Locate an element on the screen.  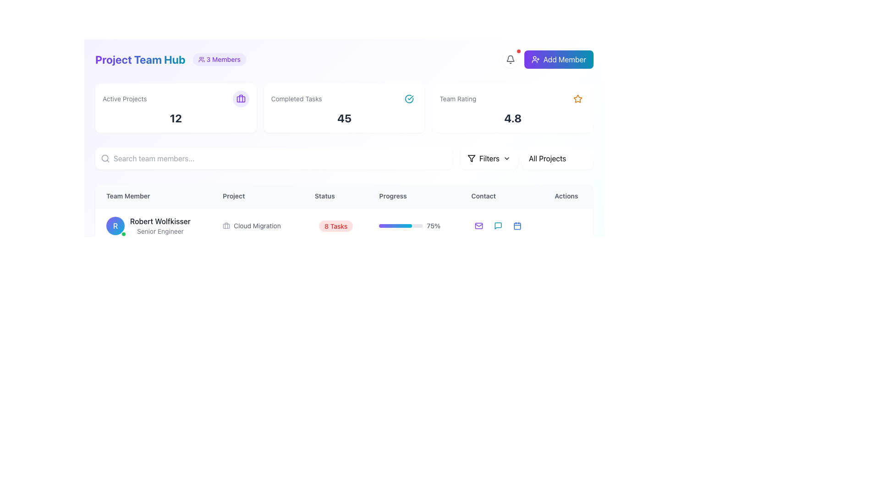
the small square-shaped icon resembling a speech or message bubble with a cyan blue outline located in the 'Contact' column for 'Robert Wolfkisser' is located at coordinates (498, 226).